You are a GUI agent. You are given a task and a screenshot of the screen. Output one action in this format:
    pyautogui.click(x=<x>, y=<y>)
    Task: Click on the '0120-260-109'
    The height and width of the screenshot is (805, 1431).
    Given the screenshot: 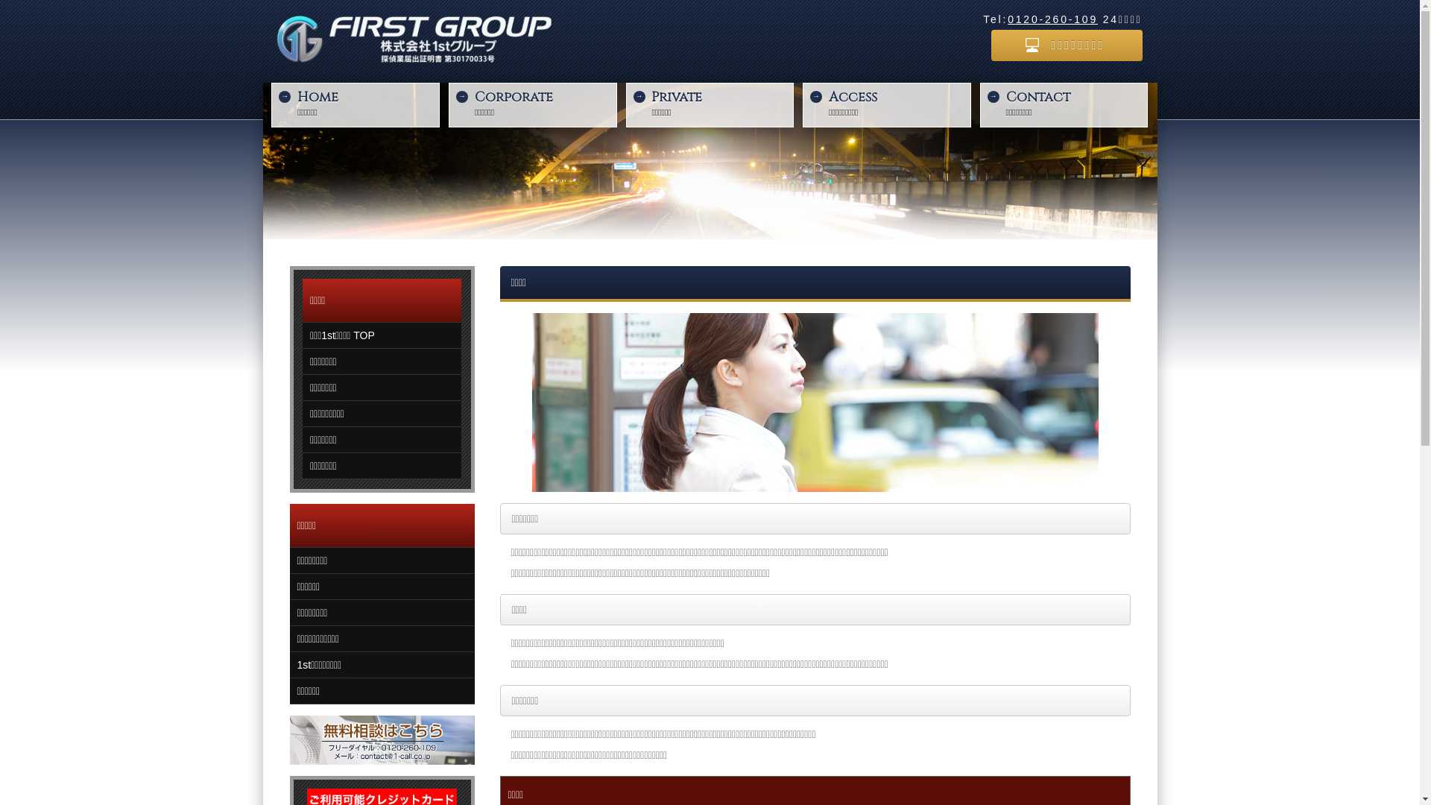 What is the action you would take?
    pyautogui.click(x=1052, y=19)
    